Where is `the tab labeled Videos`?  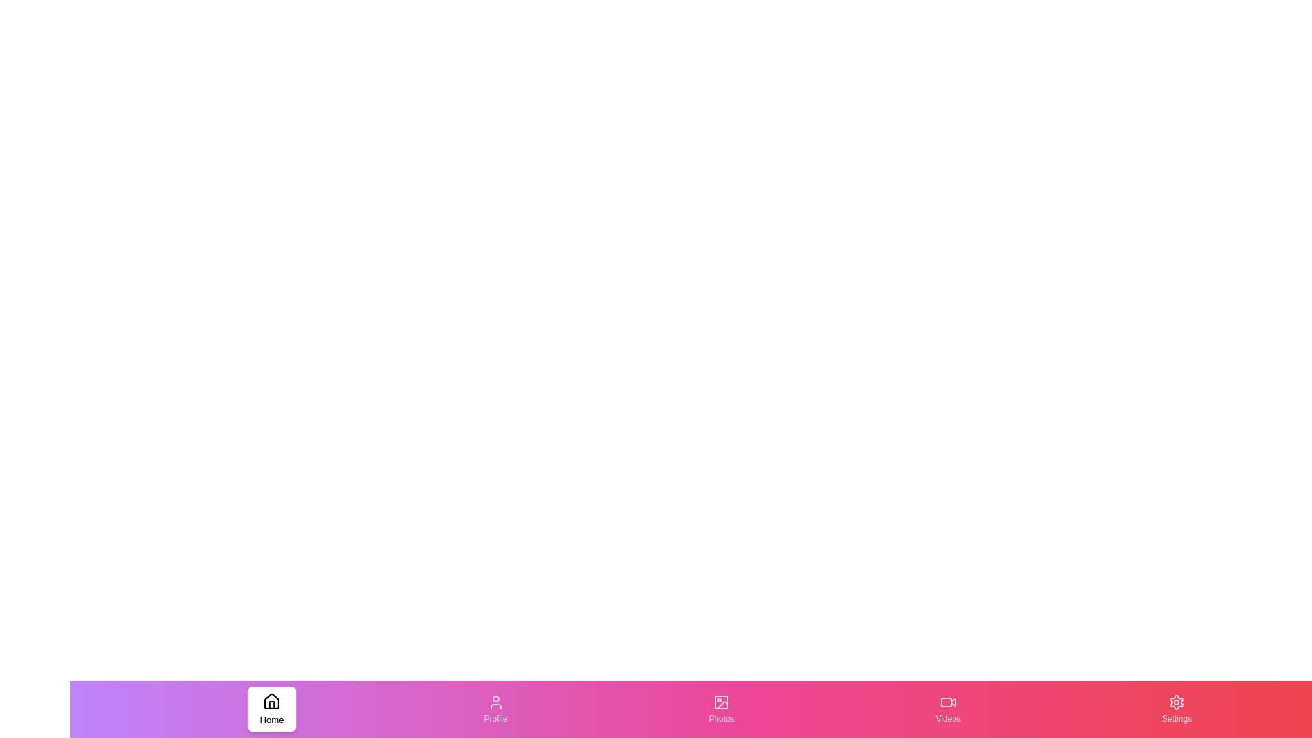 the tab labeled Videos is located at coordinates (947, 708).